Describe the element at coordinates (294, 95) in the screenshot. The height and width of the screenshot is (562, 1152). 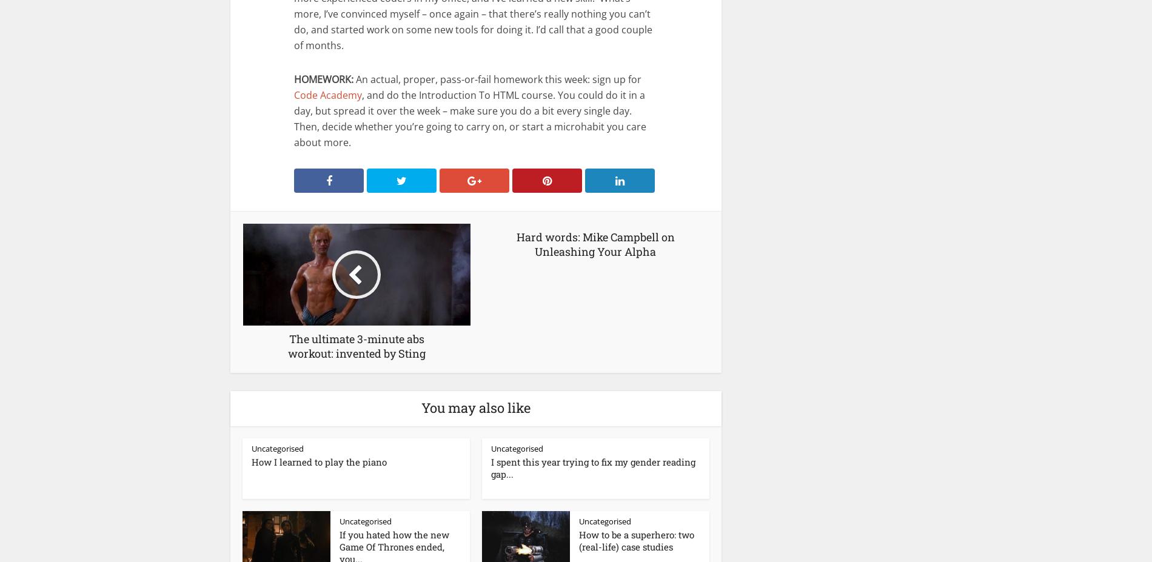
I see `'Code Academy'` at that location.